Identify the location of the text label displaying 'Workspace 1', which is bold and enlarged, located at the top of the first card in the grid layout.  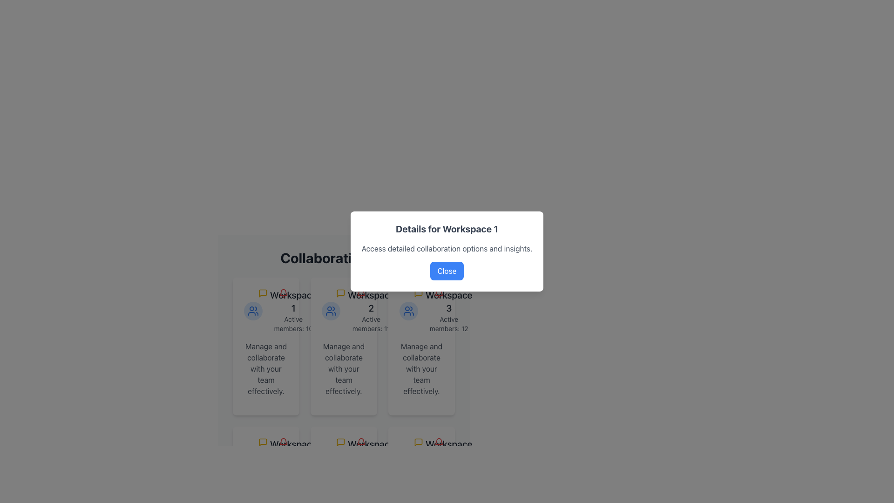
(293, 302).